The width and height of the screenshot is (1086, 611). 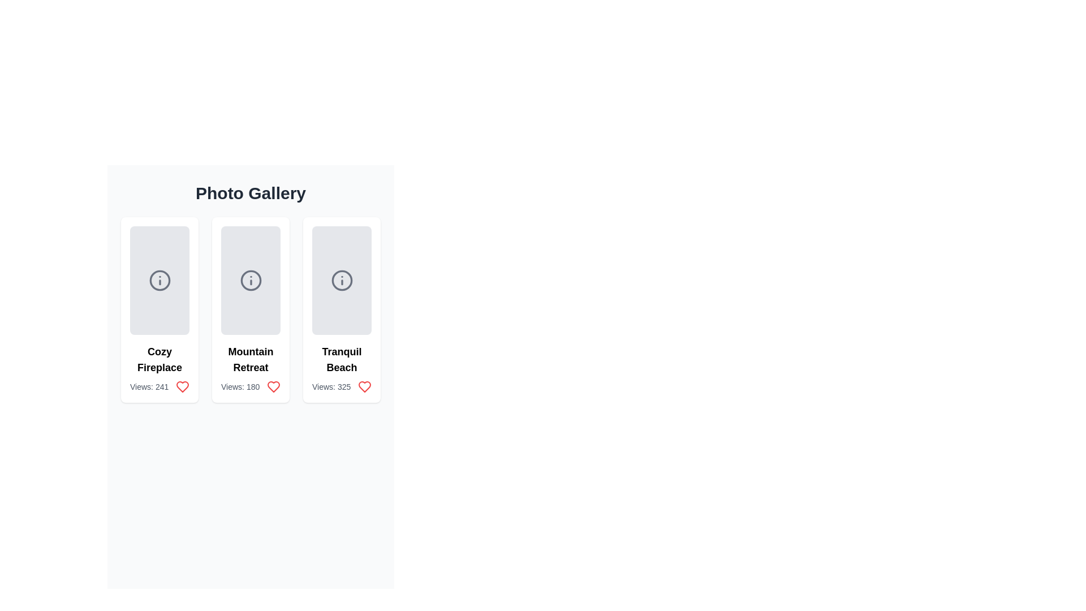 I want to click on the information icon within the 'Tranquil Beach' card in the 'Photo Gallery', which is a circular component with a border, so click(x=341, y=280).